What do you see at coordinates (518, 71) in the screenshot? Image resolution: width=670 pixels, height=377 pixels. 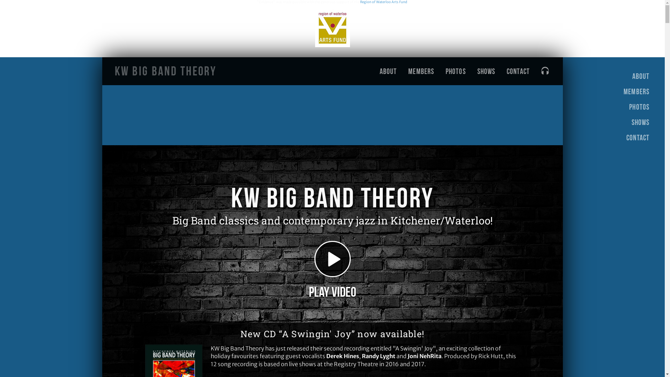 I see `'CONTACT'` at bounding box center [518, 71].